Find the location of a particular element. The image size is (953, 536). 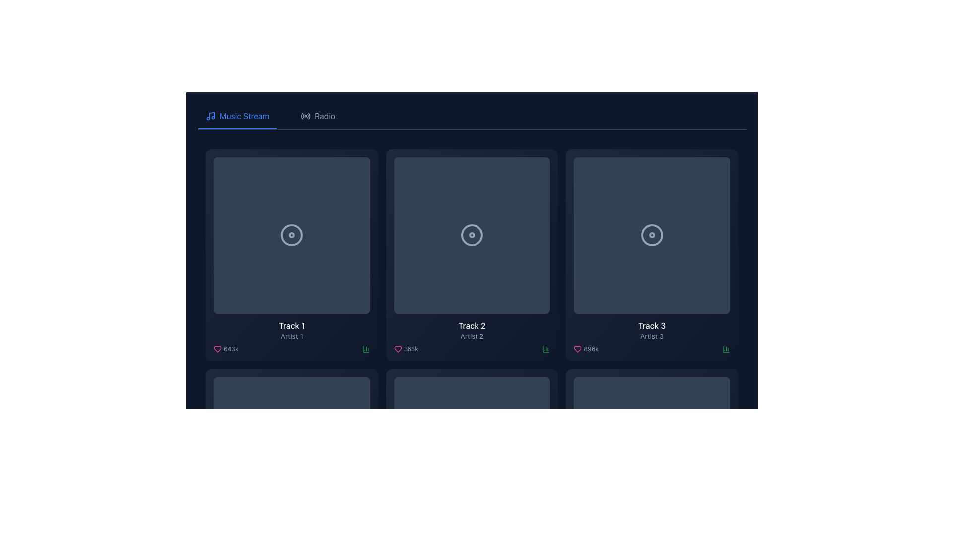

the like or favorite count text element located beneath 'Track 1', positioned left of the chart-like icon is located at coordinates (225, 348).